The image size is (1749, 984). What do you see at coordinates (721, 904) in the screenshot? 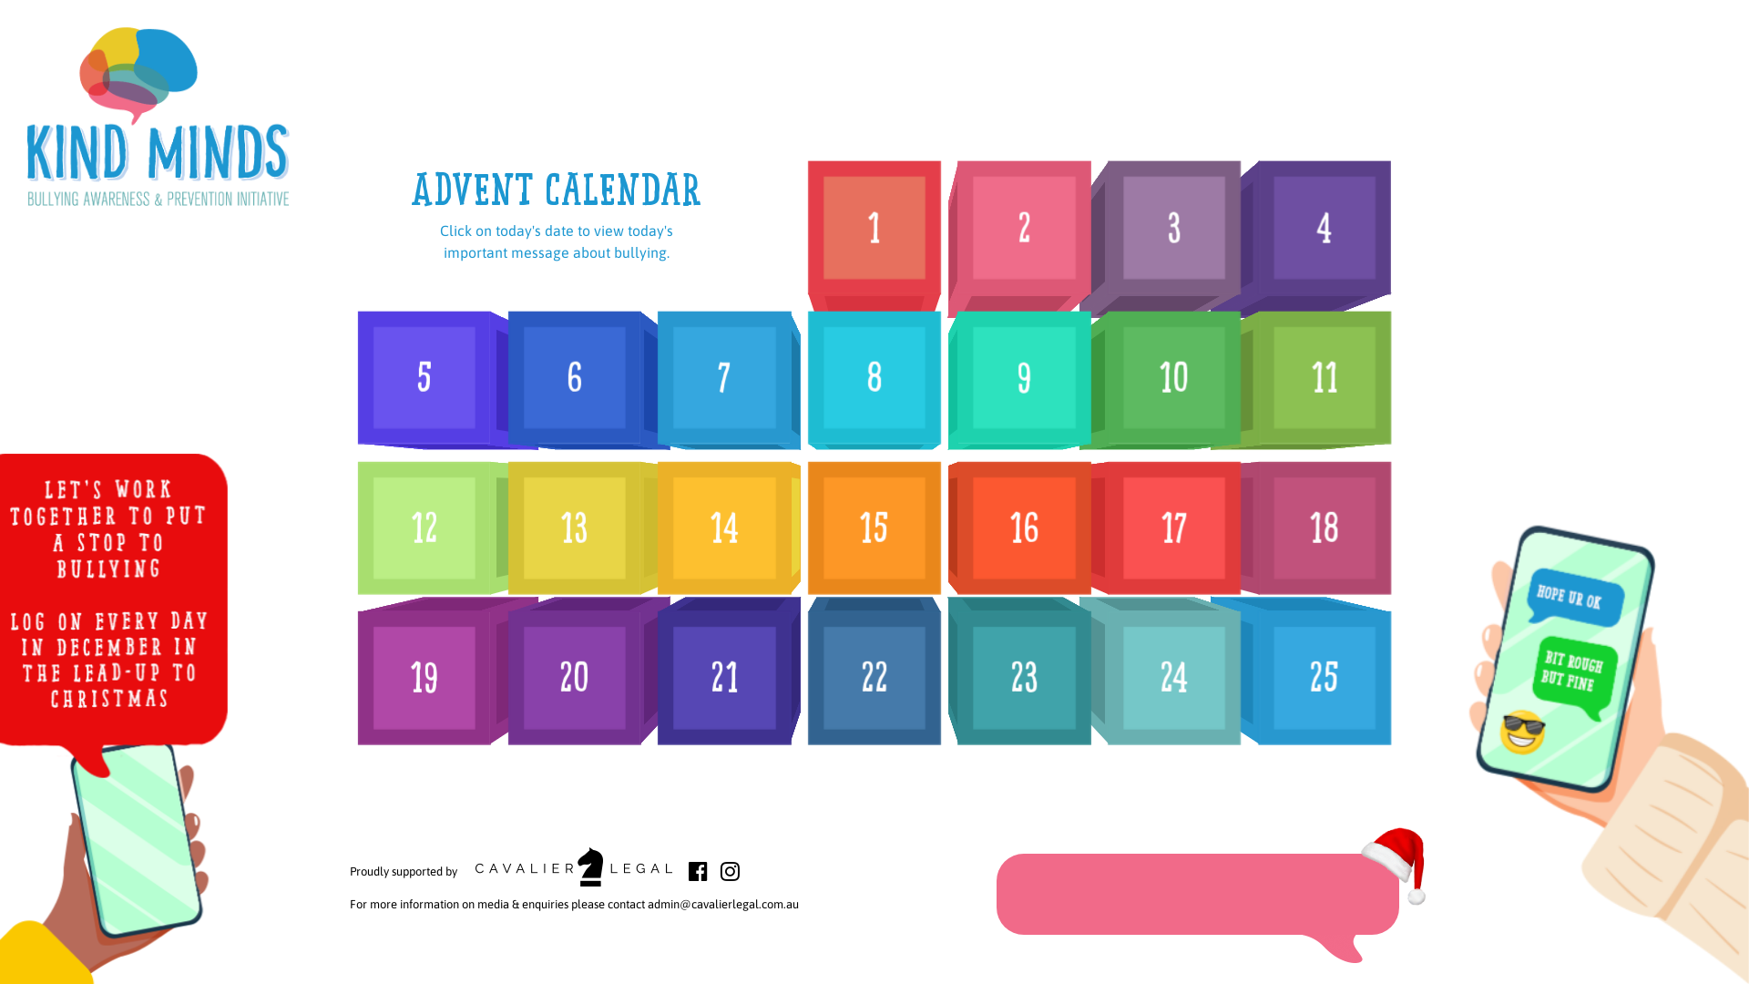
I see `'admin@cavalierlegal.com.au'` at bounding box center [721, 904].